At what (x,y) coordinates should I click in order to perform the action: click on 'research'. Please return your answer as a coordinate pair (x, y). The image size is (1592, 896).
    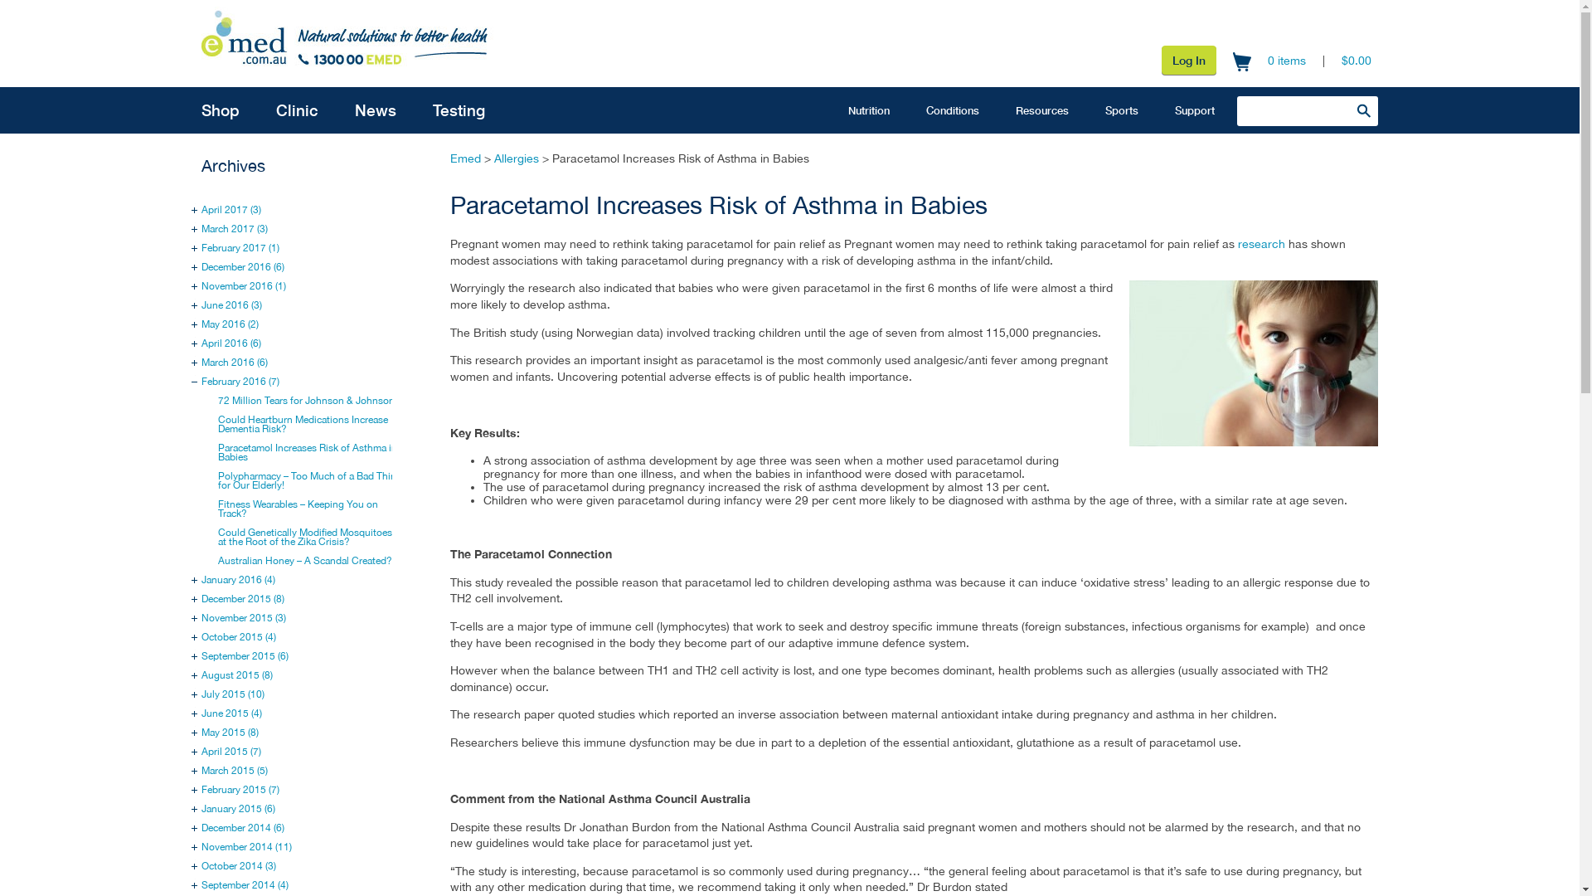
    Looking at the image, I should click on (1260, 243).